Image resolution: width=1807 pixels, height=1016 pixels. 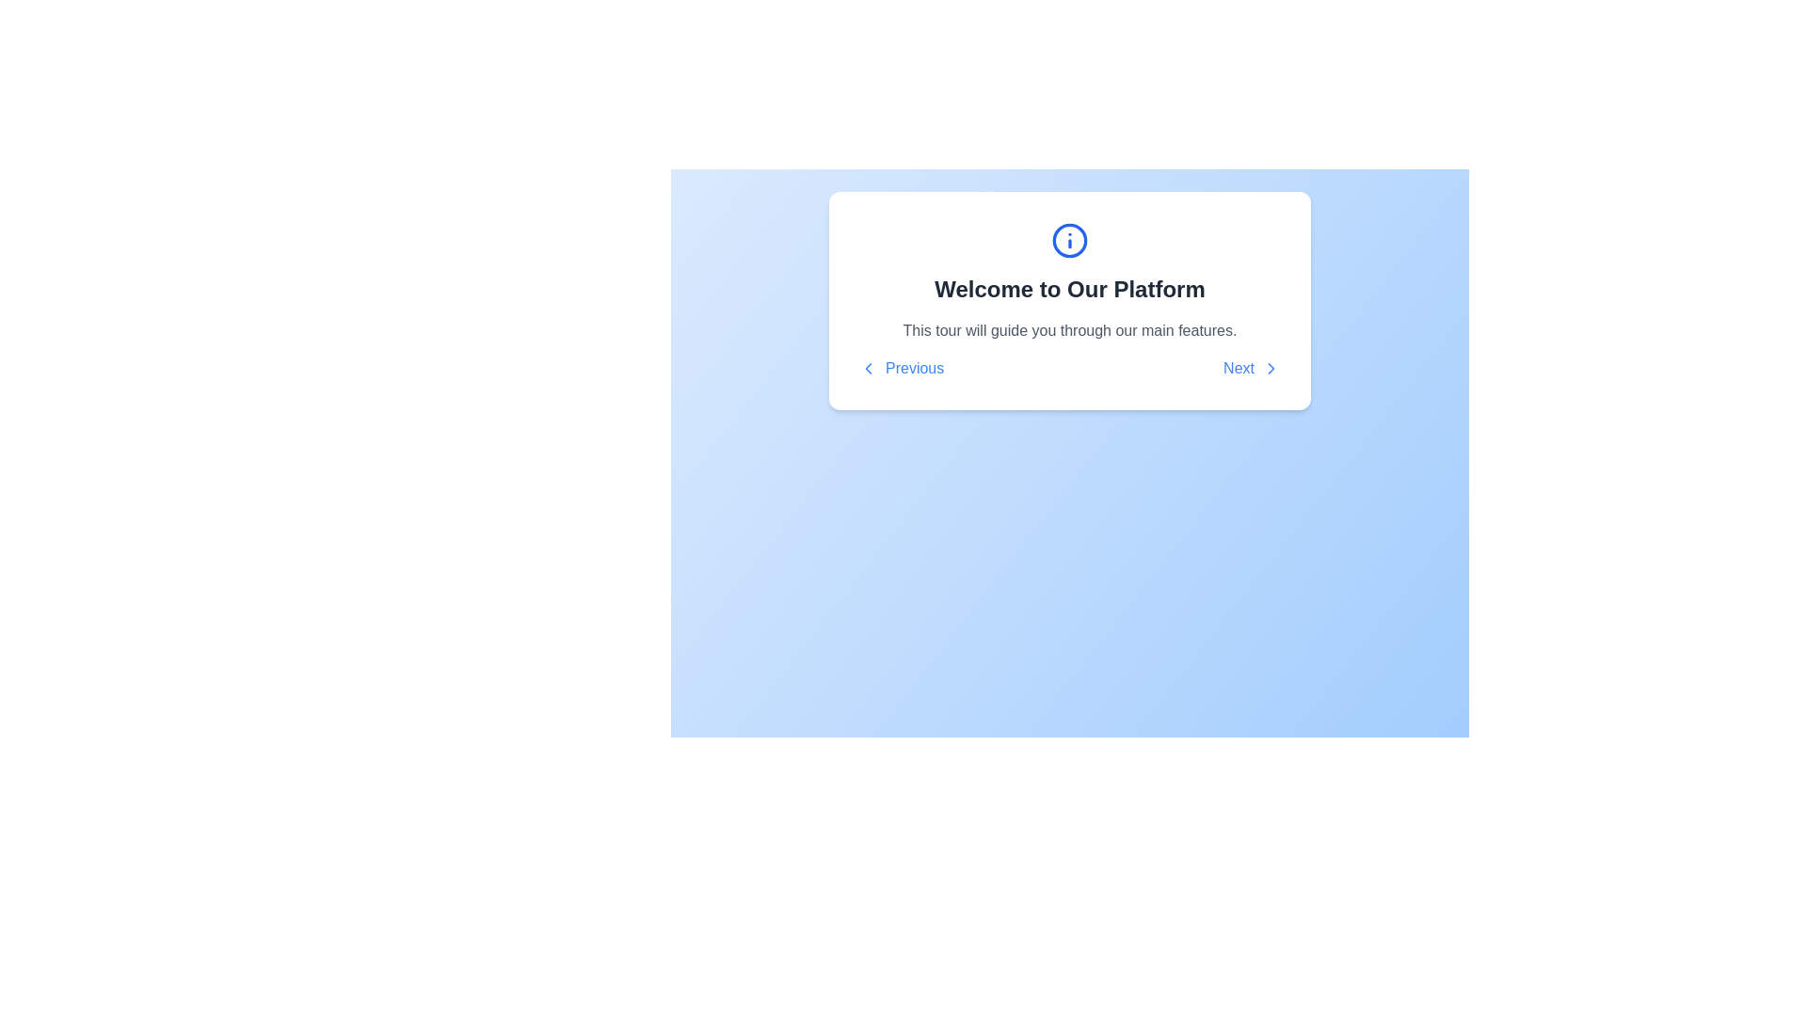 What do you see at coordinates (1239, 369) in the screenshot?
I see `the 'Next' text label, which is styled in blue and positioned next to a 'chevron right' icon in the bottom-right corner of the prompt area` at bounding box center [1239, 369].